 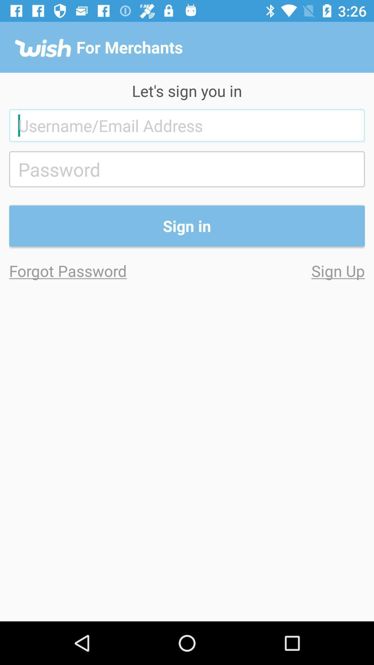 I want to click on the icon below the sign in item, so click(x=275, y=270).